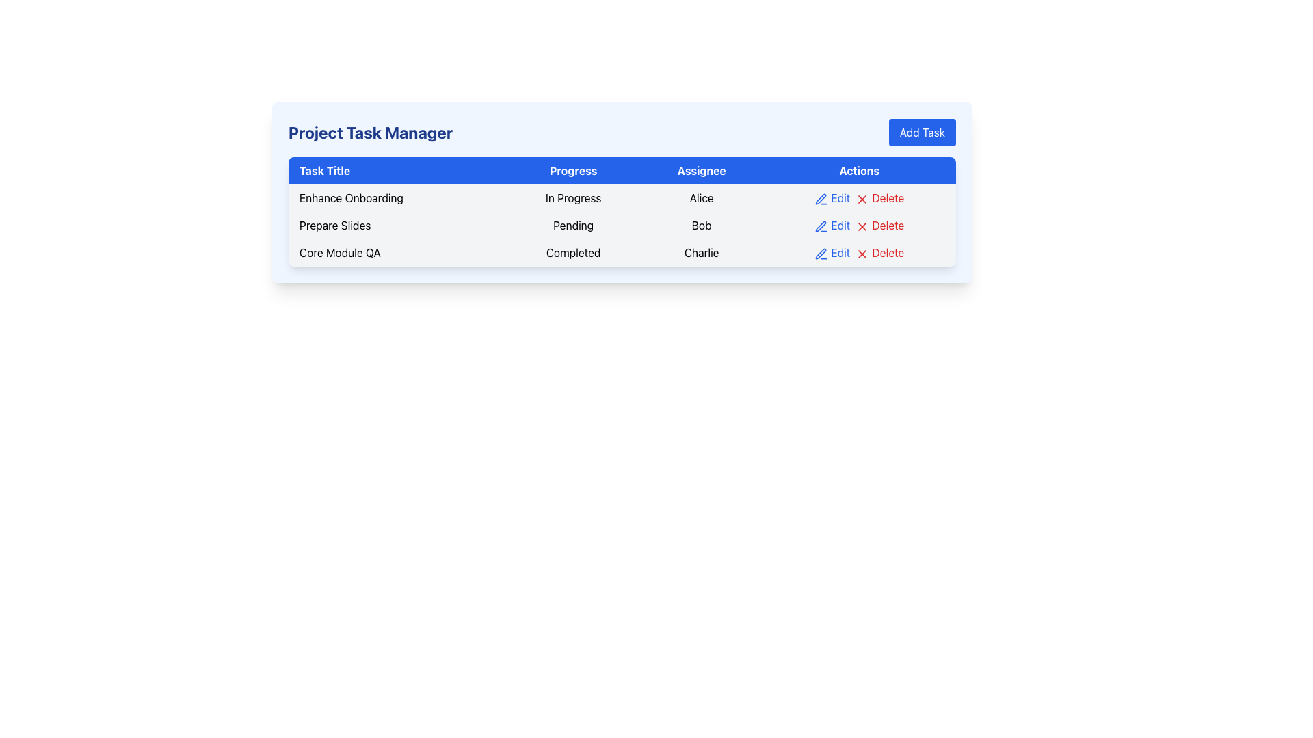  I want to click on the third row of the table that contains the task details for 'Core Module QA', including the completed status, assignee 'Charlie', and interactive options 'Edit' and 'Delete', so click(622, 253).